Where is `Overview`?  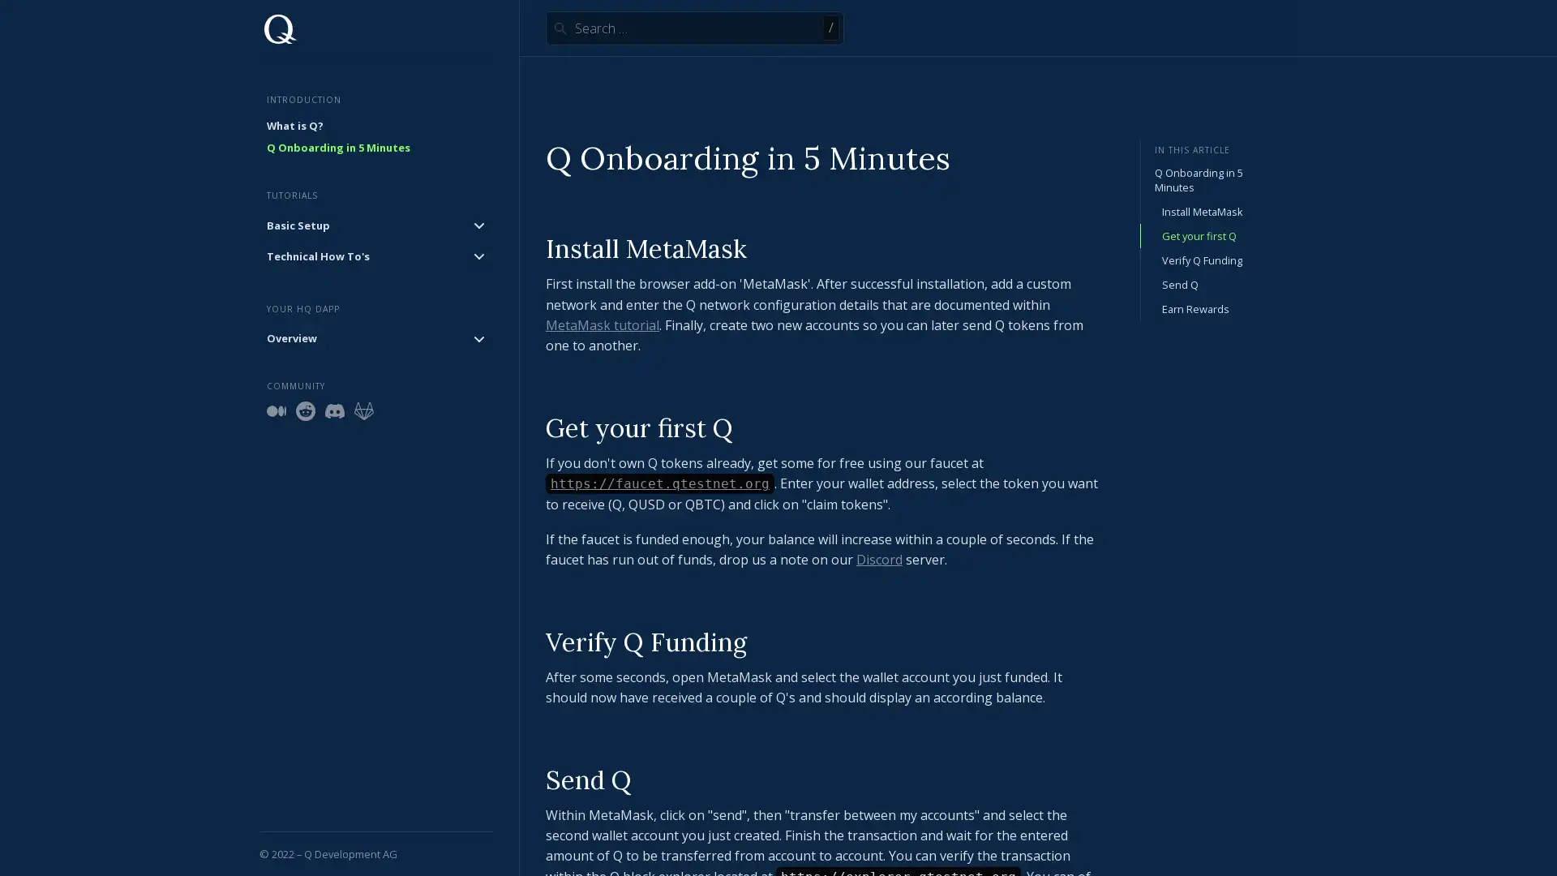 Overview is located at coordinates (375, 337).